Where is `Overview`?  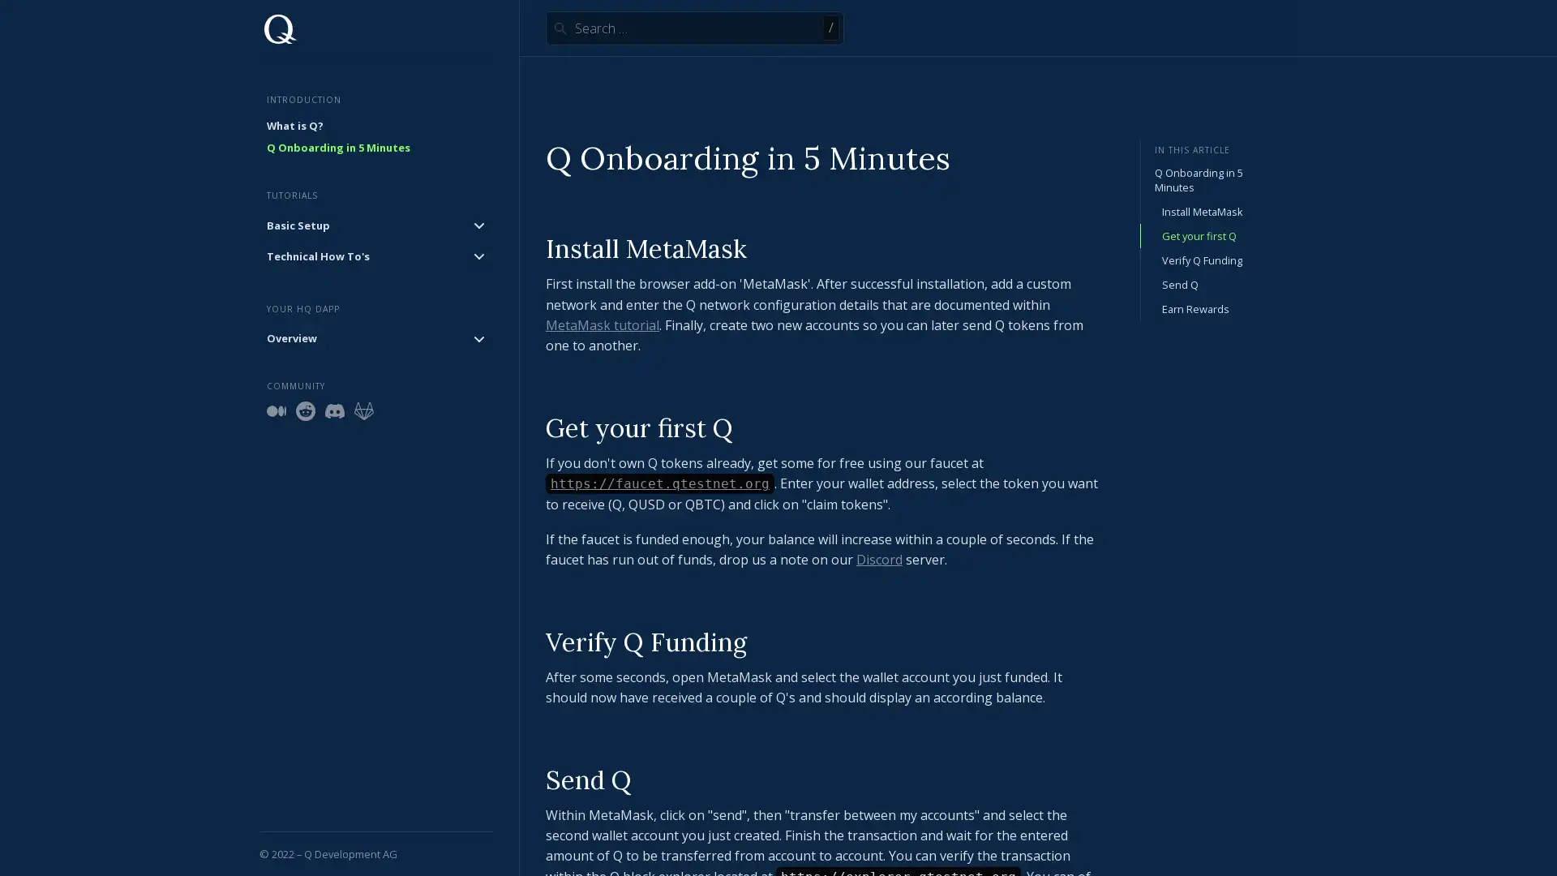 Overview is located at coordinates (375, 337).